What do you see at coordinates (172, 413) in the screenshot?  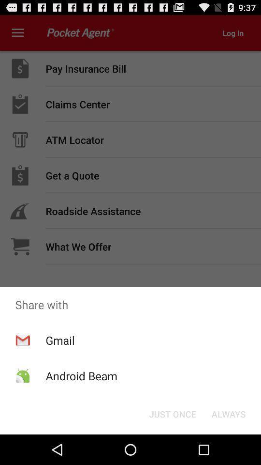 I see `the just once button` at bounding box center [172, 413].